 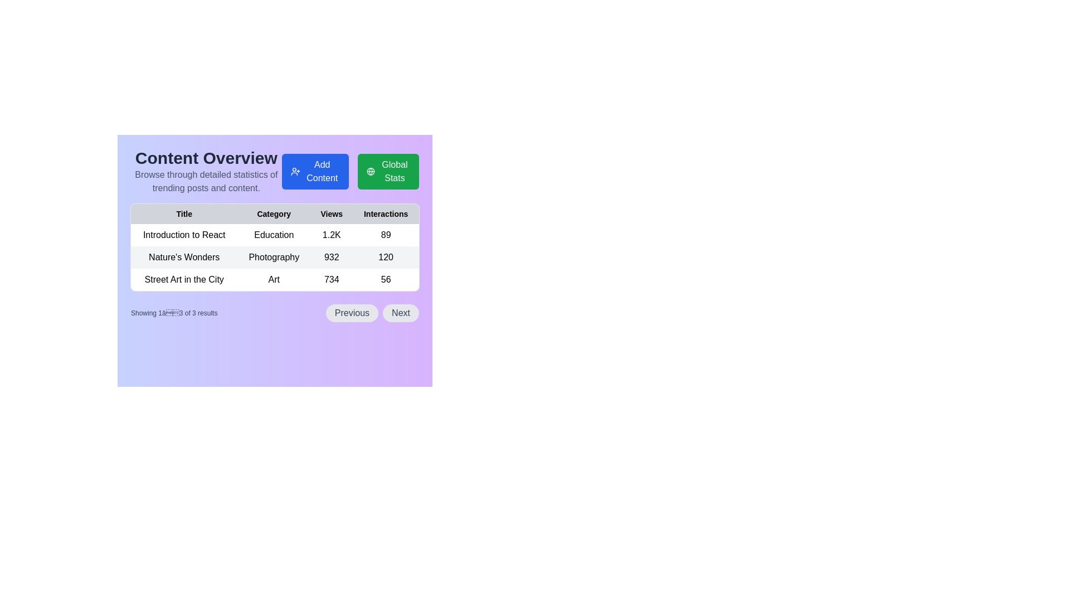 What do you see at coordinates (386, 234) in the screenshot?
I see `the Text cell containing the number '89' in the table under the 'Interactions' column, which is the fourth cell in the first row` at bounding box center [386, 234].